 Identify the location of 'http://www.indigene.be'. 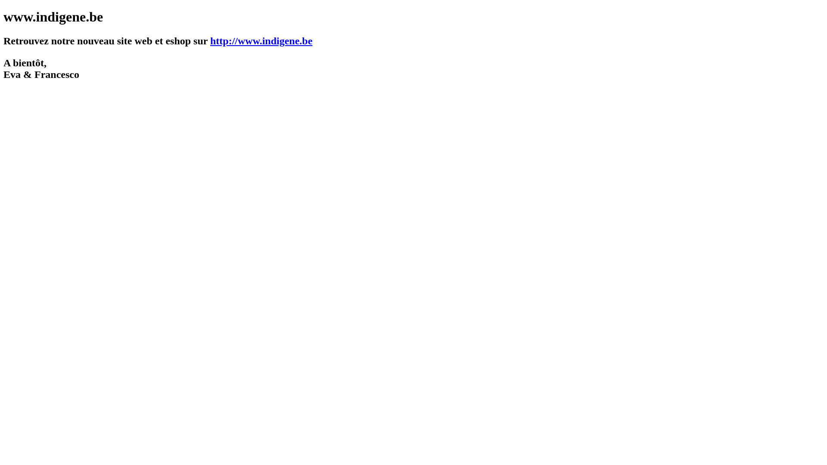
(261, 41).